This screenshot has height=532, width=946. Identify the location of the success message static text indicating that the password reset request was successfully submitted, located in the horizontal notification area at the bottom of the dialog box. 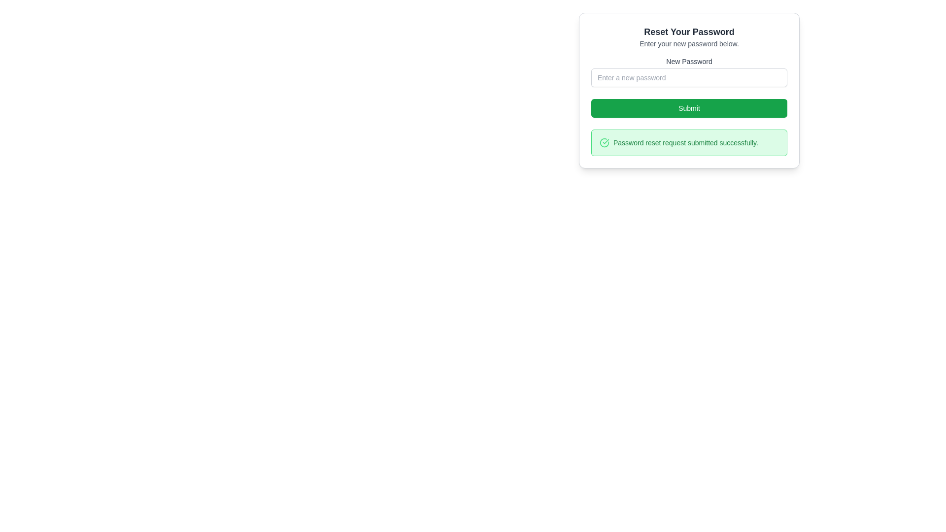
(685, 142).